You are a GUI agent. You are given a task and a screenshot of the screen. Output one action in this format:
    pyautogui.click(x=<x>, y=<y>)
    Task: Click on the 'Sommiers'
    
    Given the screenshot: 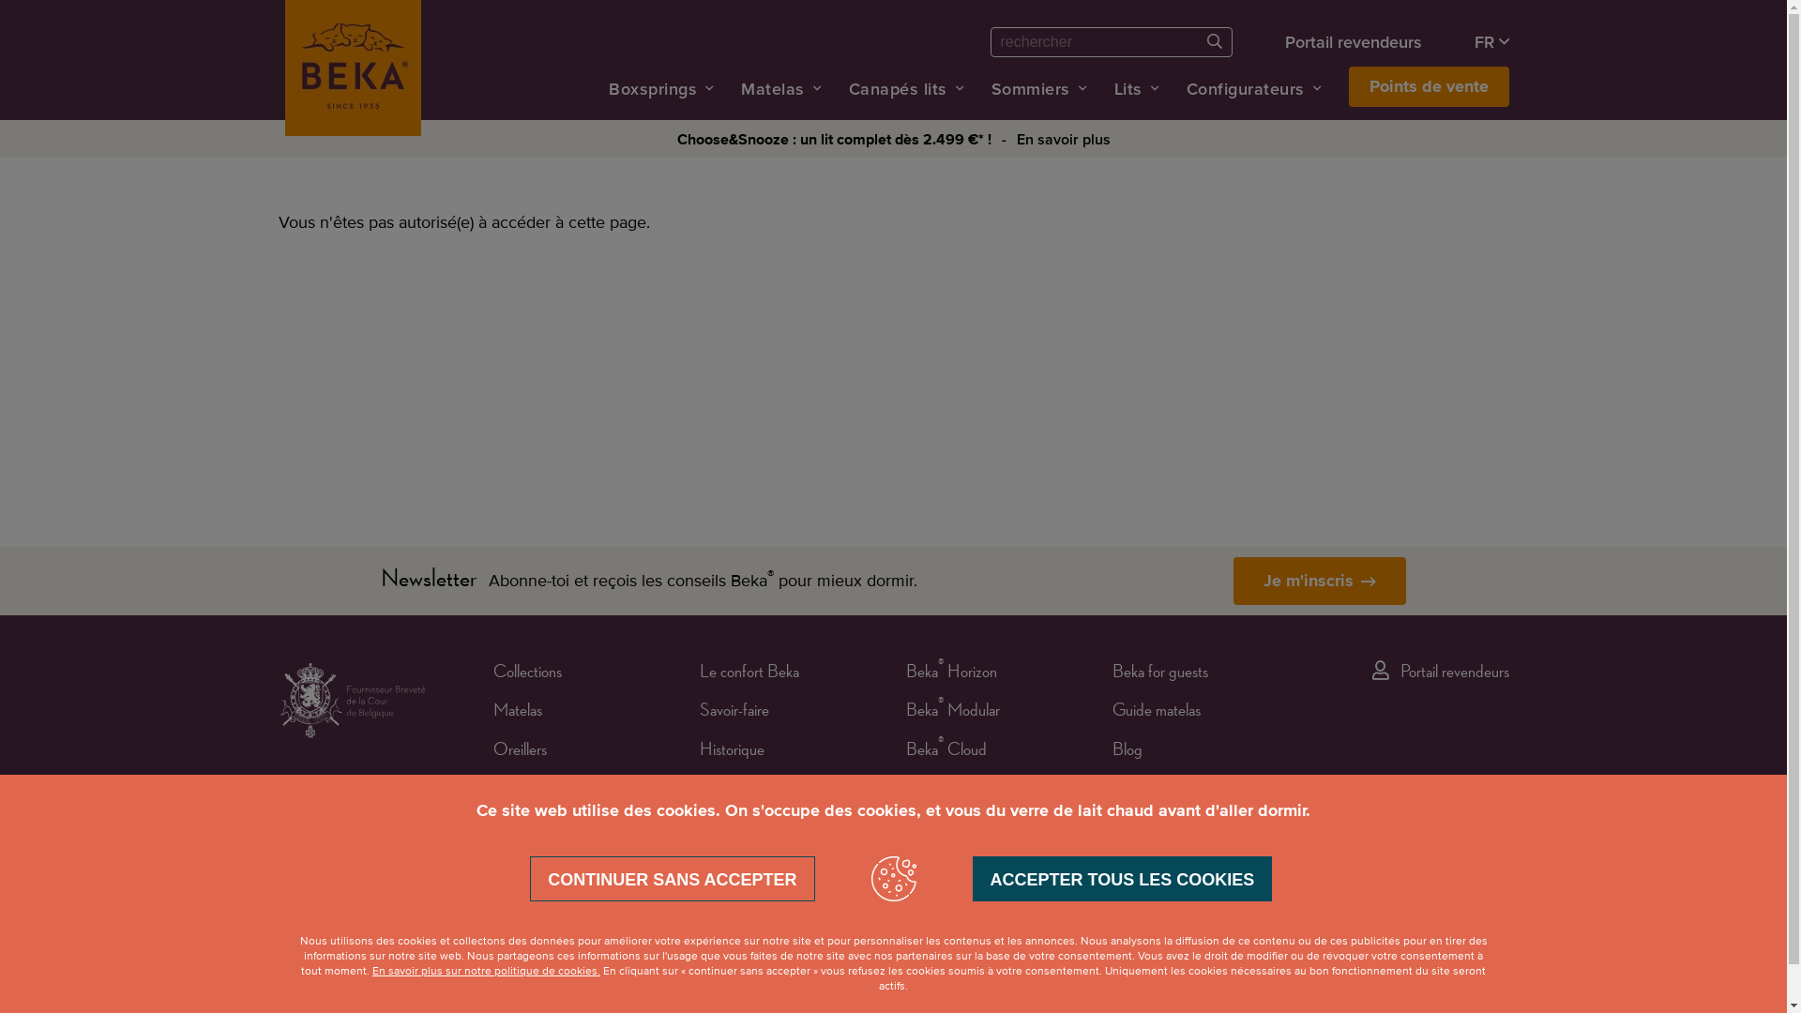 What is the action you would take?
    pyautogui.click(x=1029, y=88)
    